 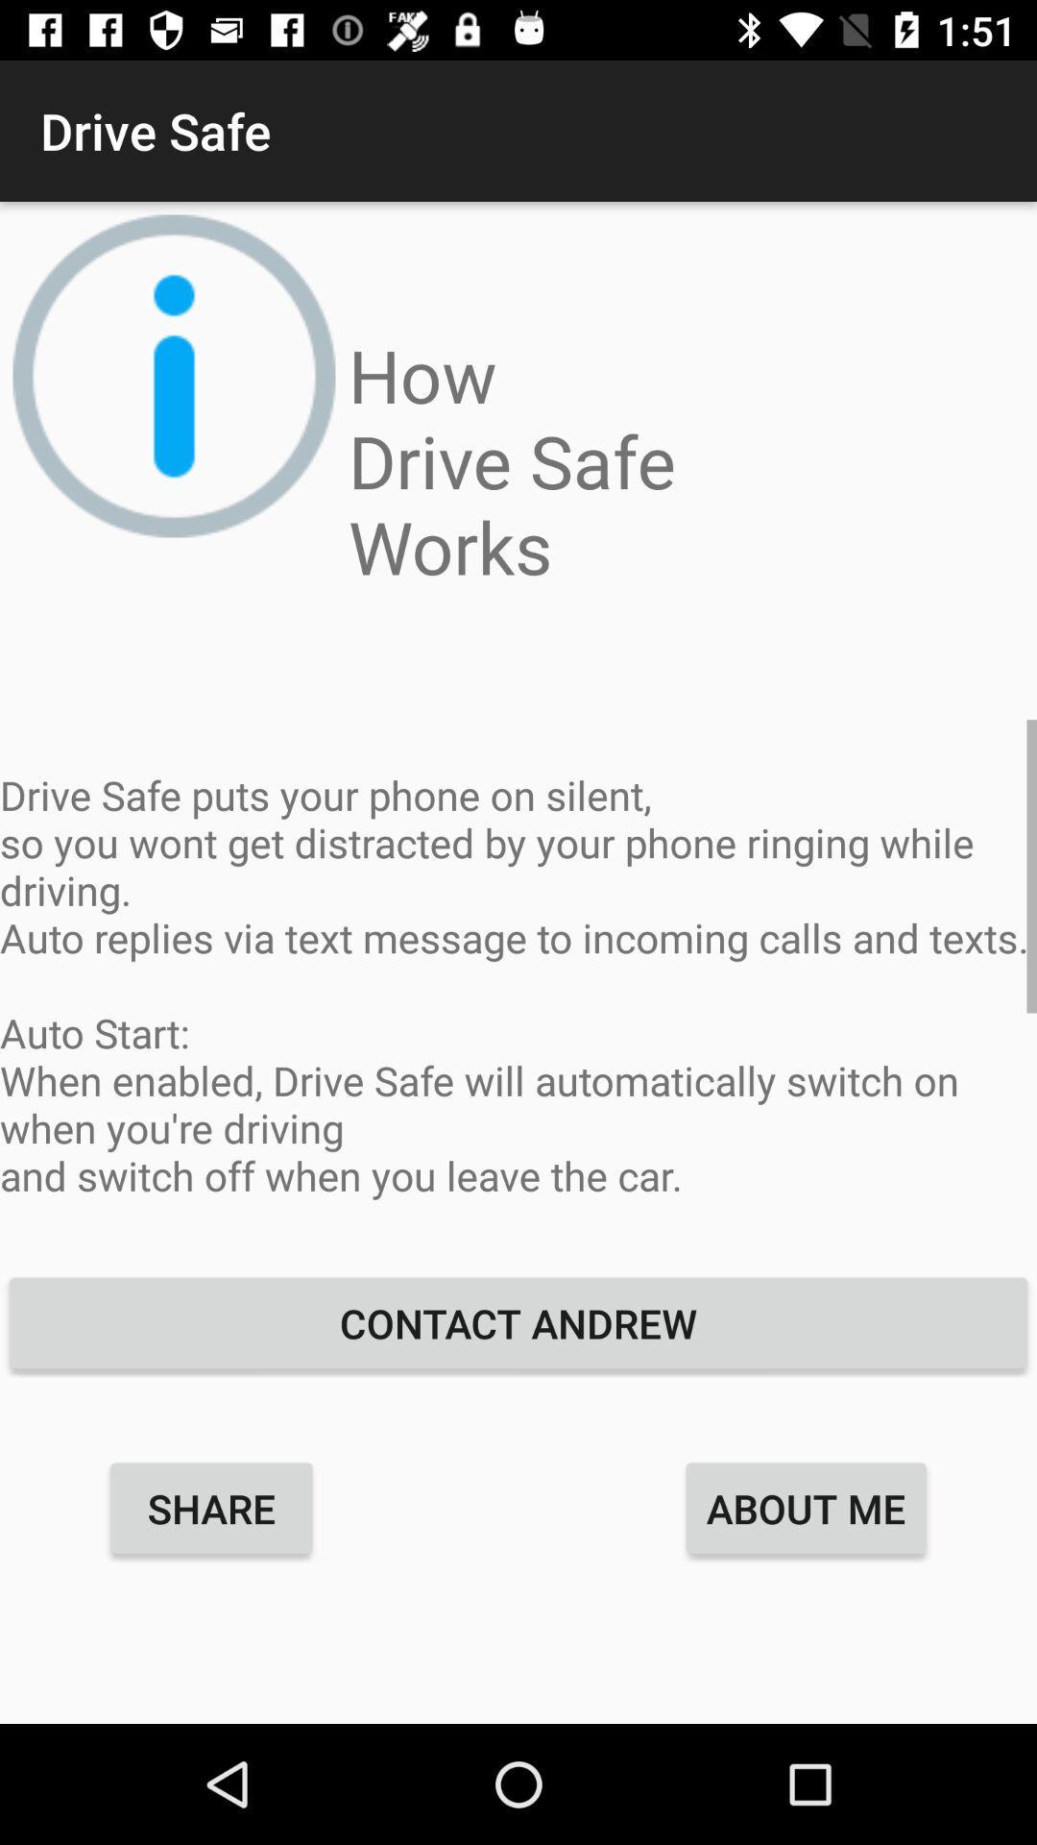 I want to click on the icon next to the about me, so click(x=211, y=1507).